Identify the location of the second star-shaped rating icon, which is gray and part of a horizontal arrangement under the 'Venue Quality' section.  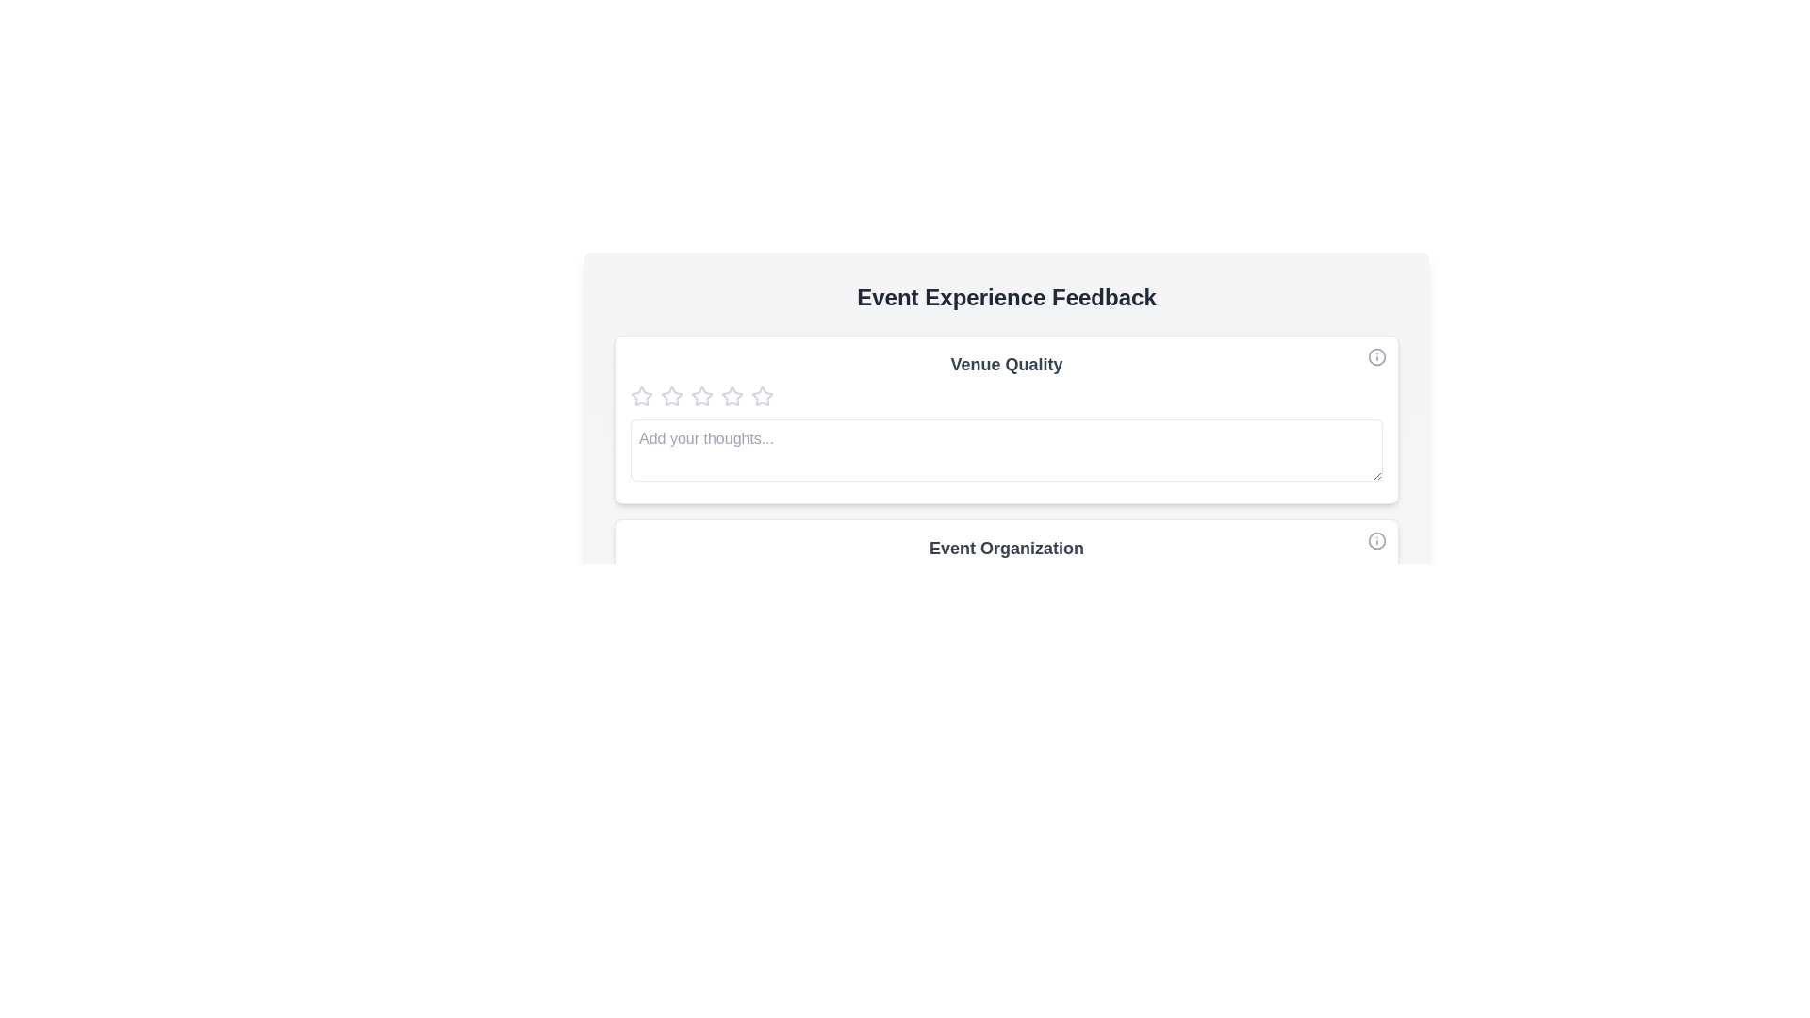
(700, 395).